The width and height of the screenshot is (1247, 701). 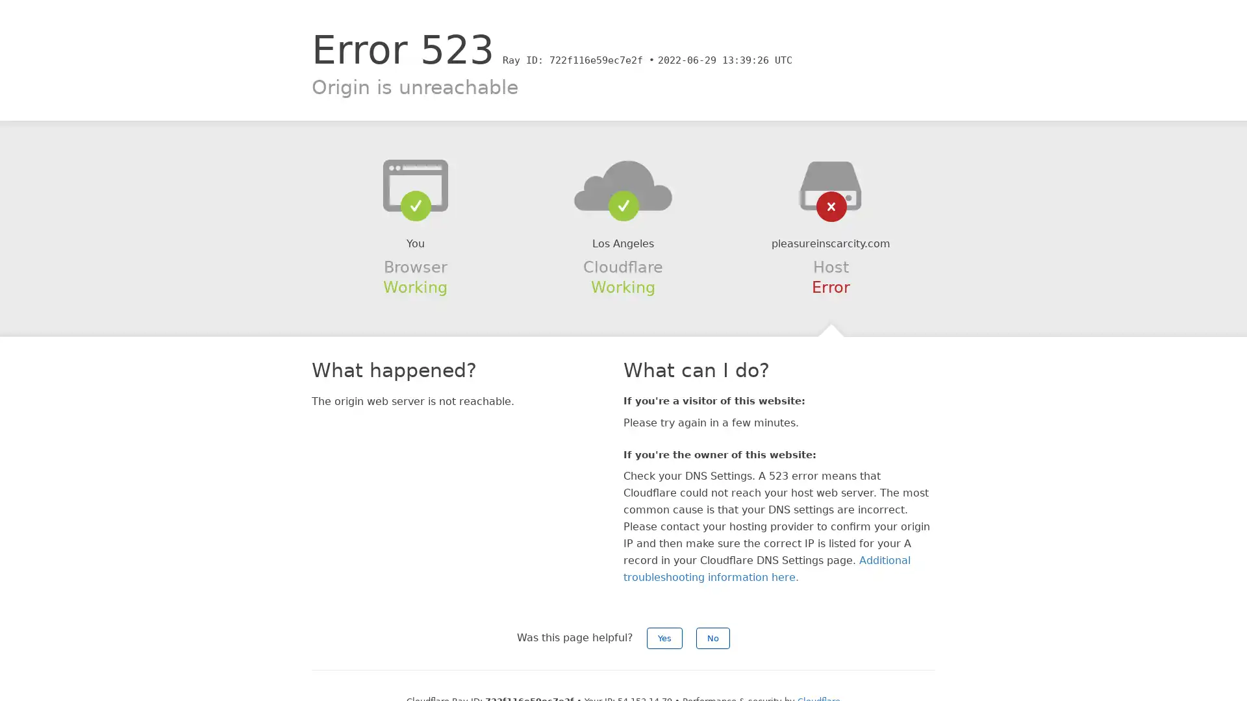 What do you see at coordinates (664, 637) in the screenshot?
I see `Yes` at bounding box center [664, 637].